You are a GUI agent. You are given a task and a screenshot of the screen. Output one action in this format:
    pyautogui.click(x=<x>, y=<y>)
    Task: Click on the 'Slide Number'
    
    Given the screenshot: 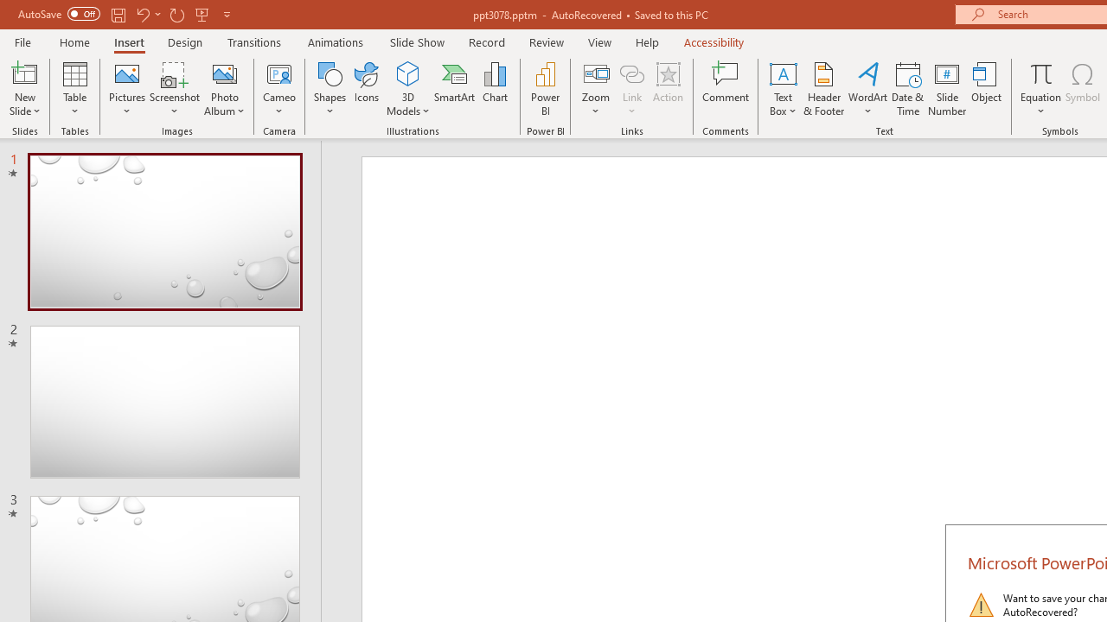 What is the action you would take?
    pyautogui.click(x=946, y=89)
    